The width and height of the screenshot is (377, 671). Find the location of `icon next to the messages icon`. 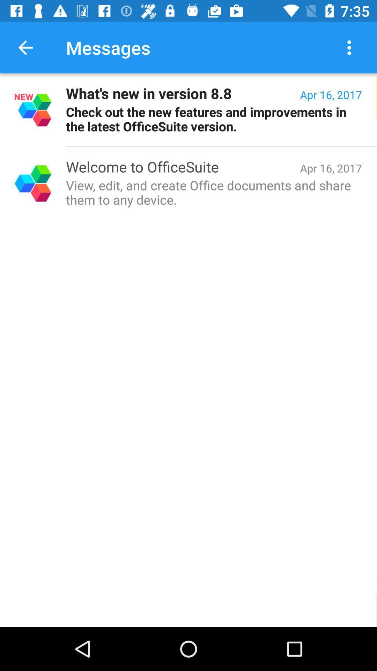

icon next to the messages icon is located at coordinates (351, 47).